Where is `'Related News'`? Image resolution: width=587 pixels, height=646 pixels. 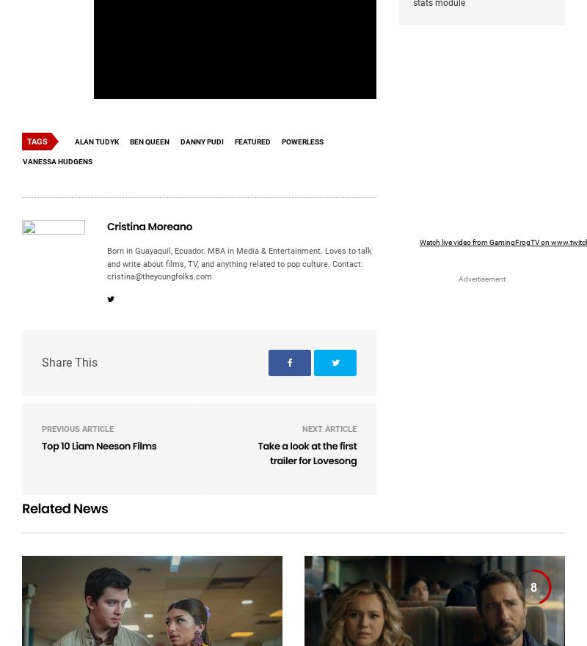
'Related News' is located at coordinates (22, 508).